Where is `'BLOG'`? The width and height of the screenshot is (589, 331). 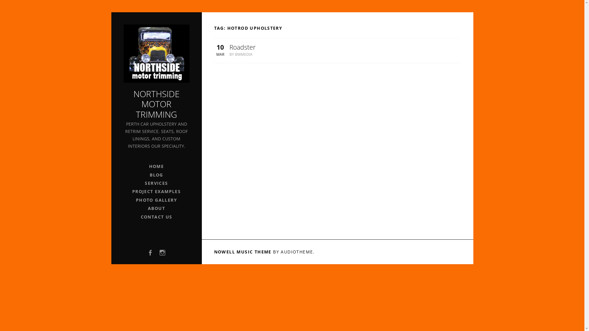 'BLOG' is located at coordinates (123, 175).